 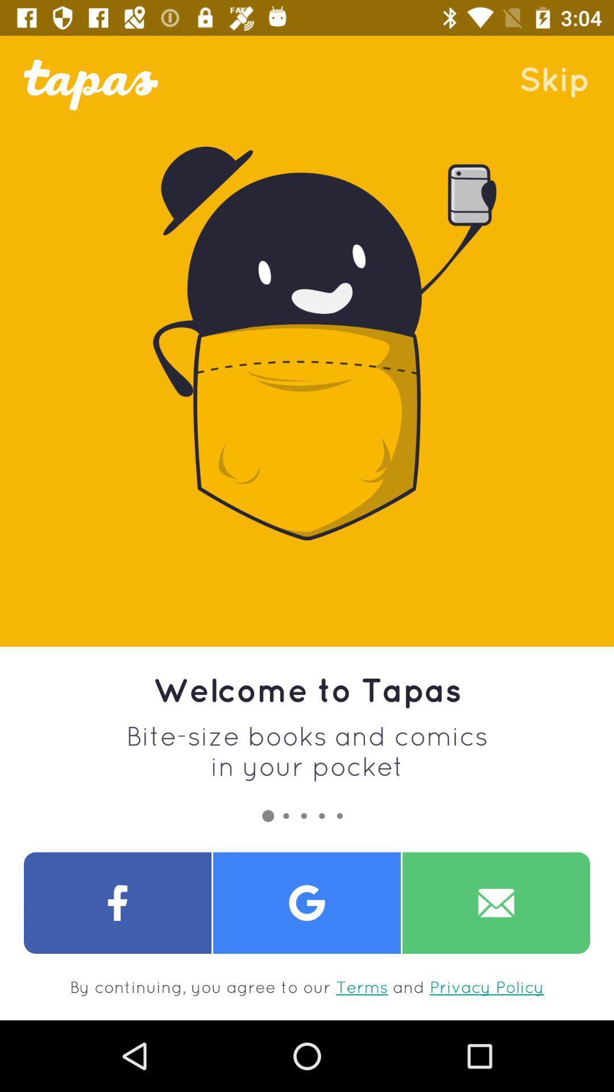 I want to click on shows message icon, so click(x=495, y=902).